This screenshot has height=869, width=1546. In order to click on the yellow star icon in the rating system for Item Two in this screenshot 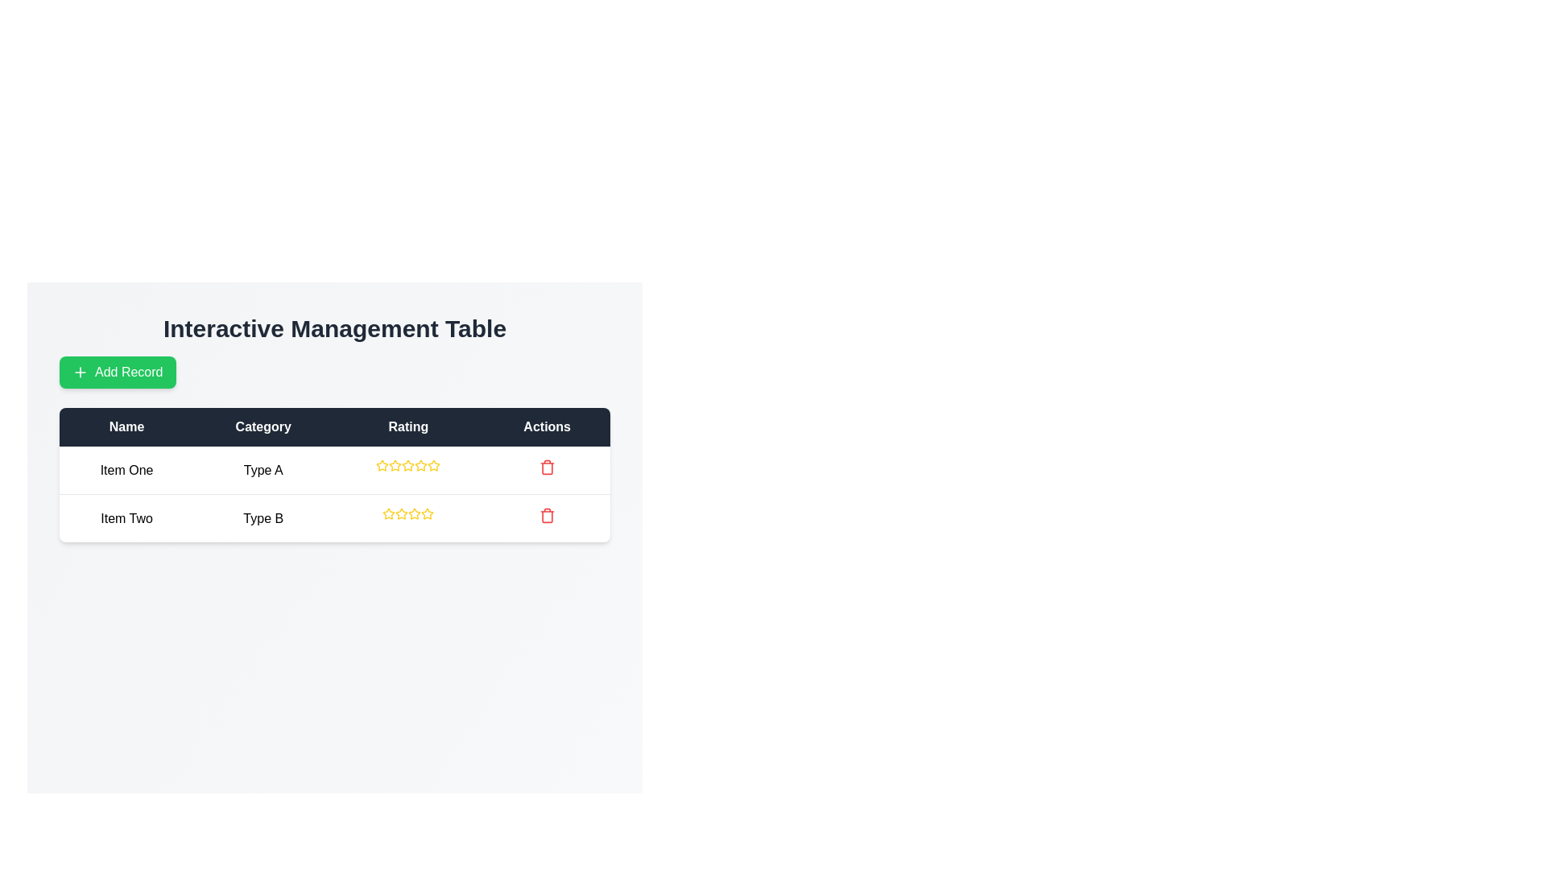, I will do `click(389, 513)`.